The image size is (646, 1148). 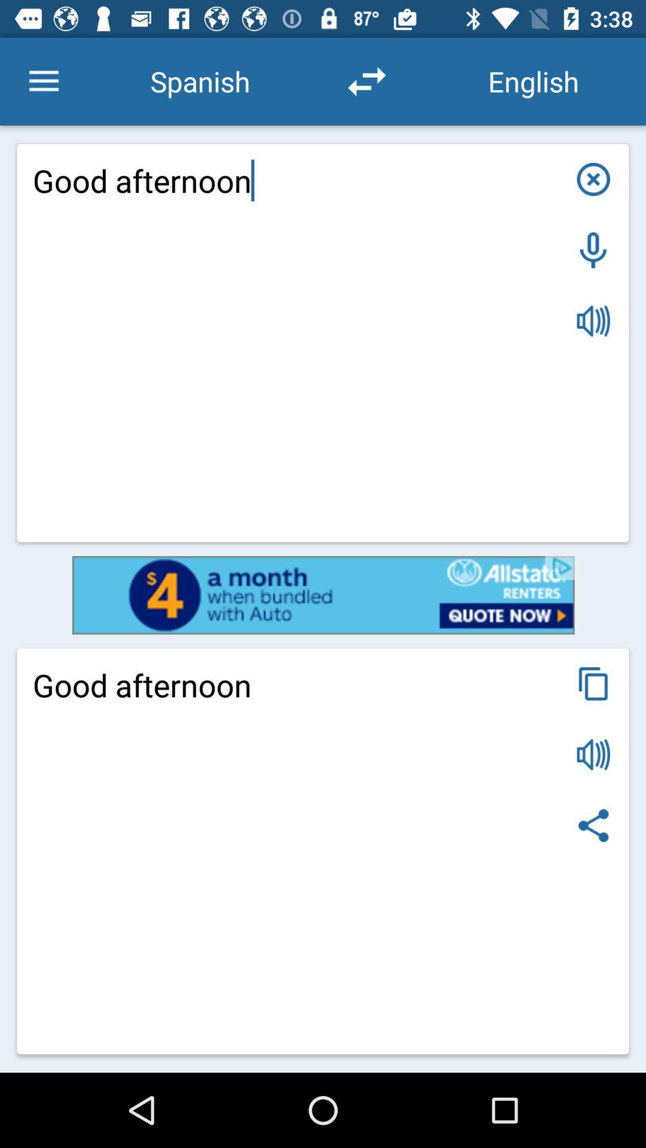 I want to click on mike, so click(x=593, y=249).